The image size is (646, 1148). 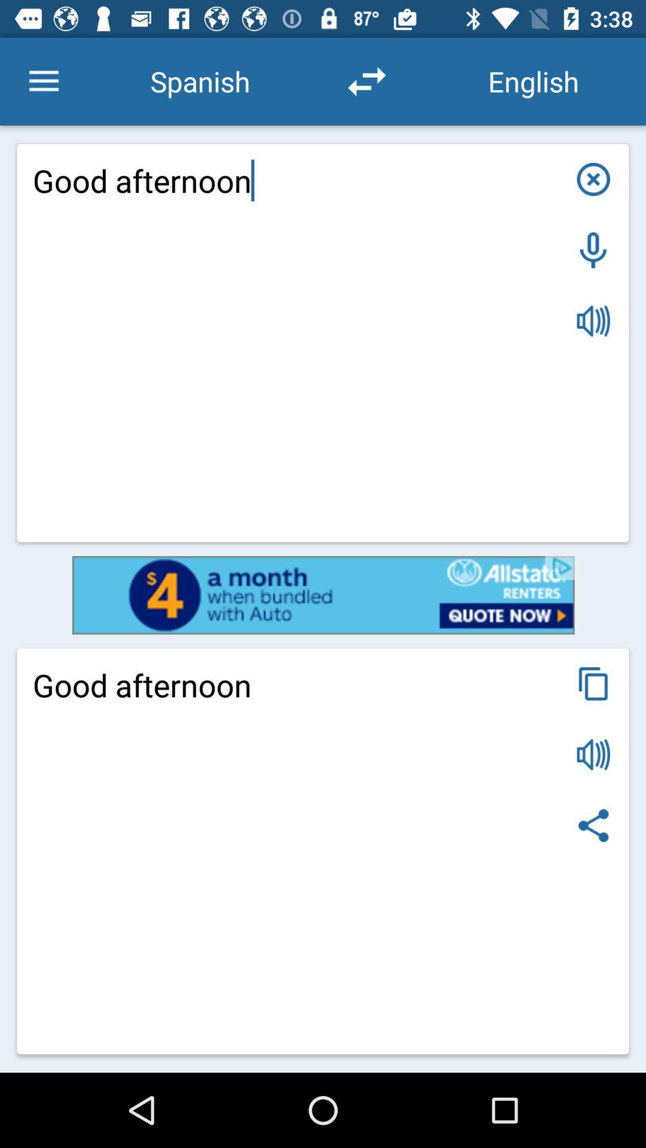 I want to click on mike, so click(x=593, y=249).